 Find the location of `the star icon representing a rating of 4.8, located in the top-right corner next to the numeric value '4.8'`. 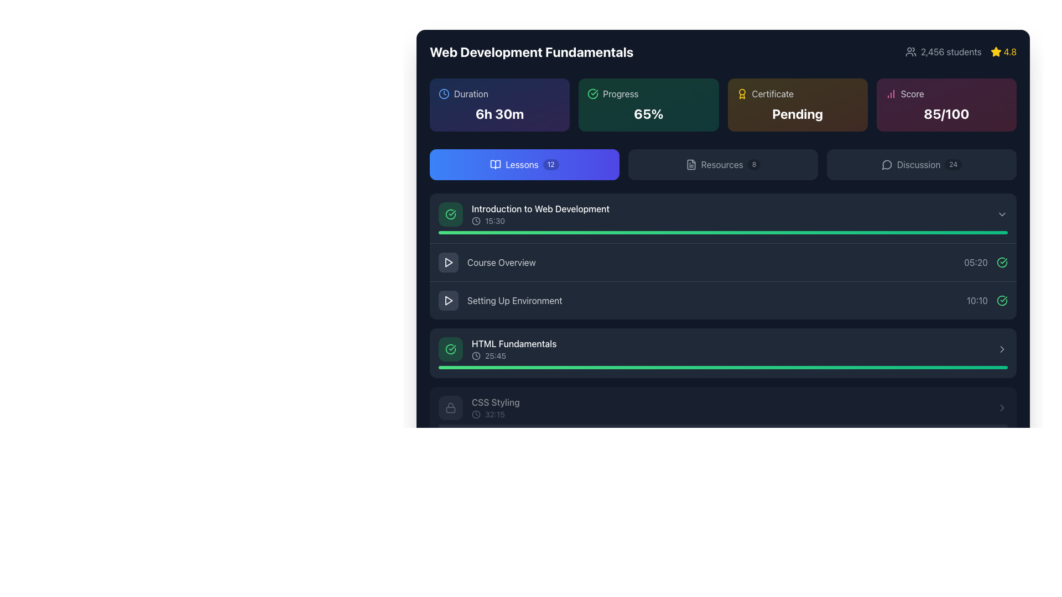

the star icon representing a rating of 4.8, located in the top-right corner next to the numeric value '4.8' is located at coordinates (996, 51).